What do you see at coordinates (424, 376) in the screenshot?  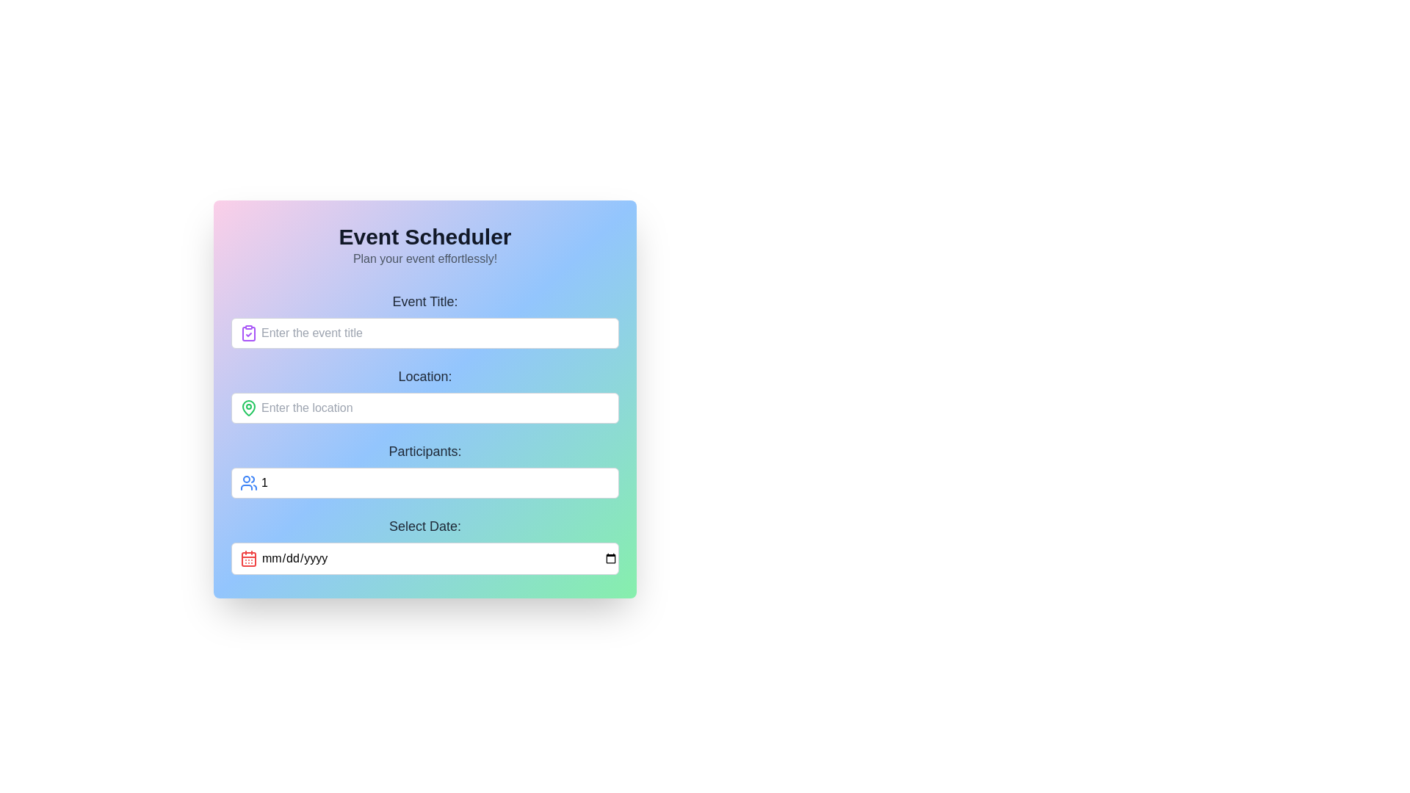 I see `the text label displaying 'Location:' which is centered above an input field and styled in bold dark gray` at bounding box center [424, 376].